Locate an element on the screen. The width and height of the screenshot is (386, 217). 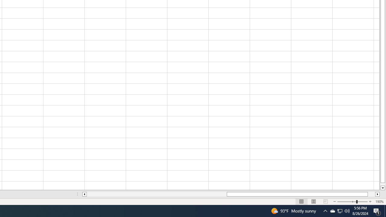
'Zoom In' is located at coordinates (370, 202).